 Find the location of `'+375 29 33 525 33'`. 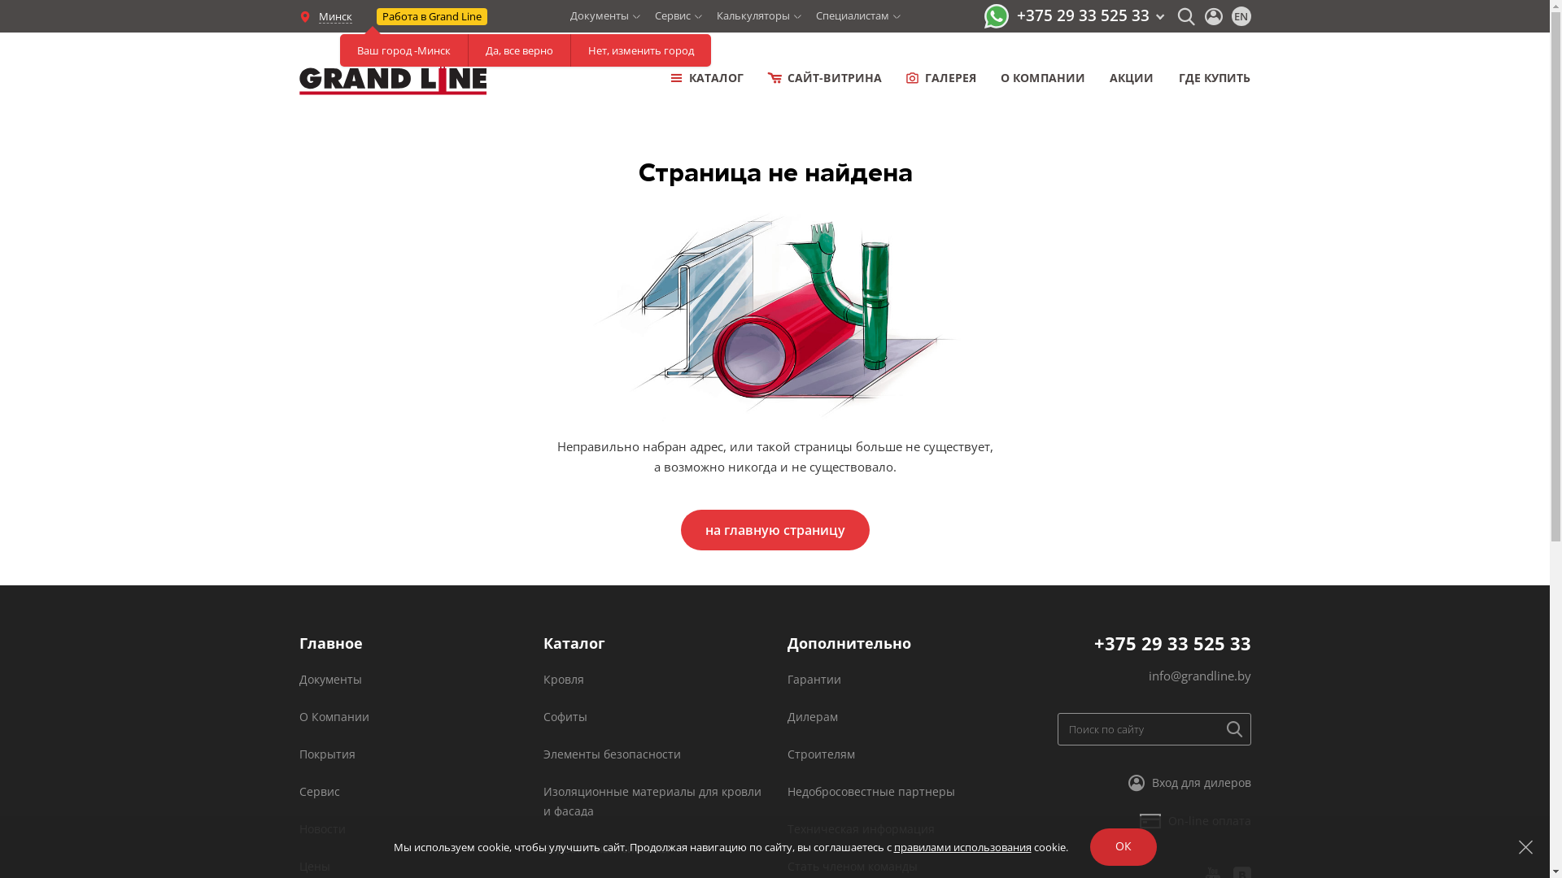

'+375 29 33 525 33' is located at coordinates (1090, 15).